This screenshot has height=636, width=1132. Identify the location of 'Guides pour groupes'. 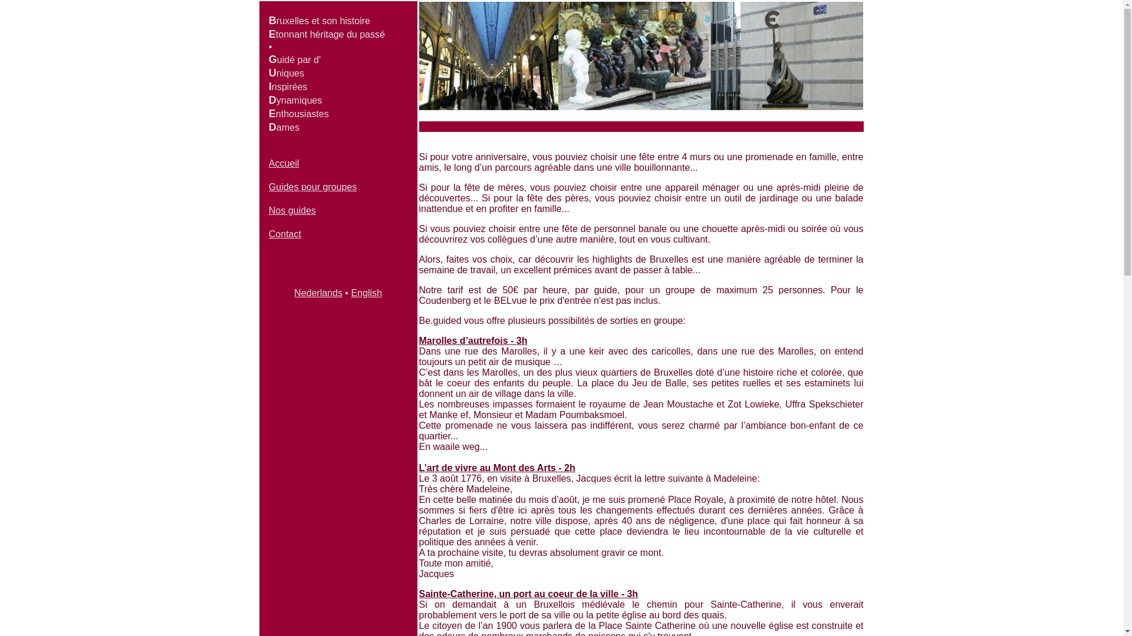
(268, 186).